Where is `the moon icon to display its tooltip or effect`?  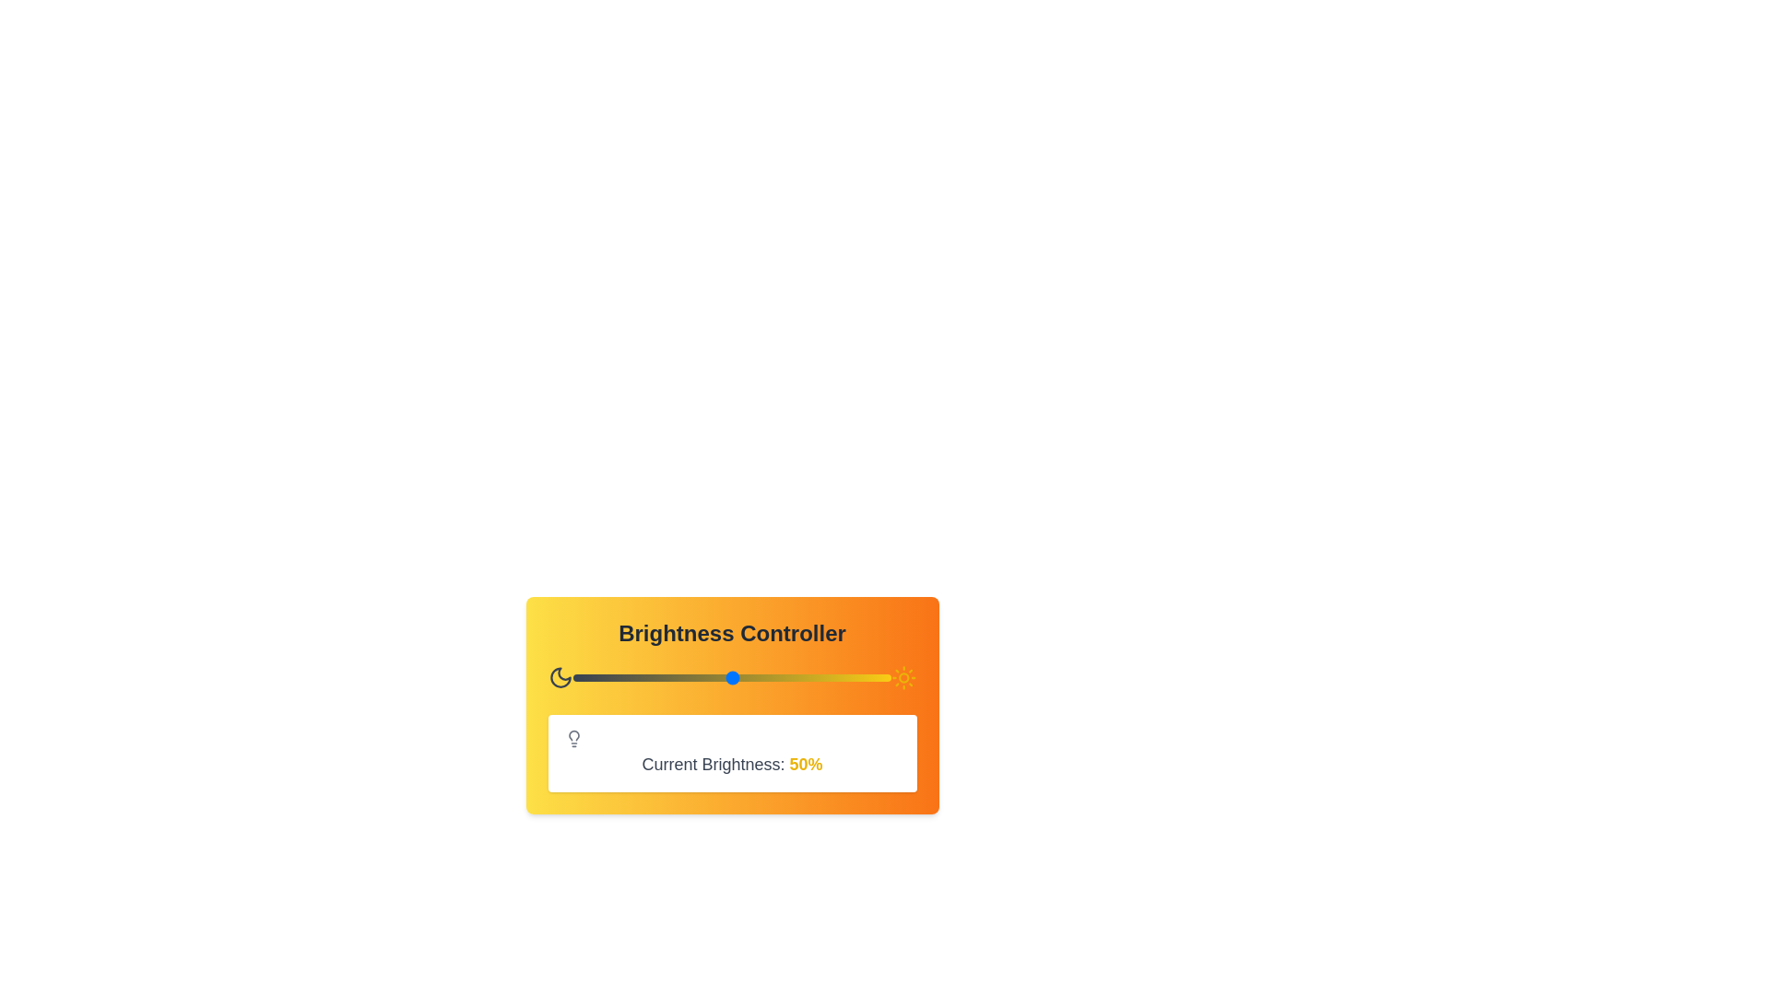 the moon icon to display its tooltip or effect is located at coordinates (560, 678).